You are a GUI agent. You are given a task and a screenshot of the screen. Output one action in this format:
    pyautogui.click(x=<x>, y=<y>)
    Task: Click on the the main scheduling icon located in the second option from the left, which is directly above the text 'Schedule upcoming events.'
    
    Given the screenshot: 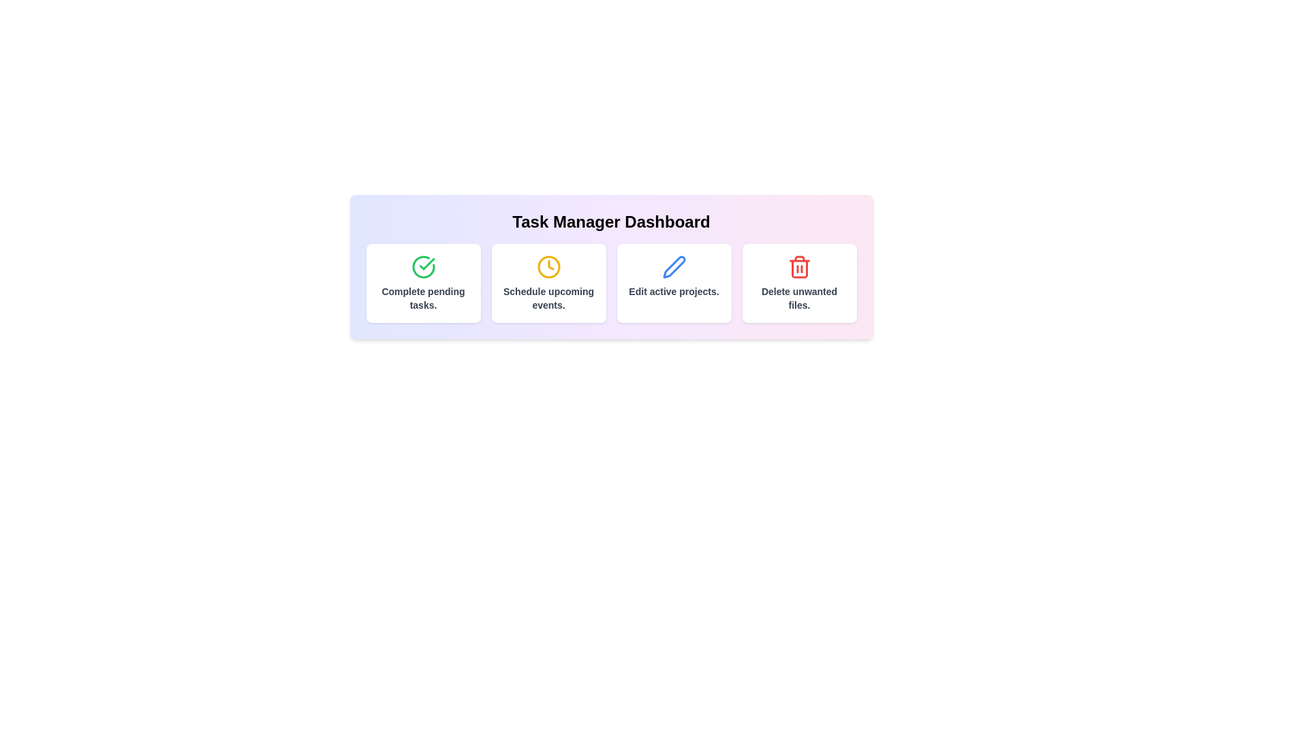 What is the action you would take?
    pyautogui.click(x=548, y=267)
    